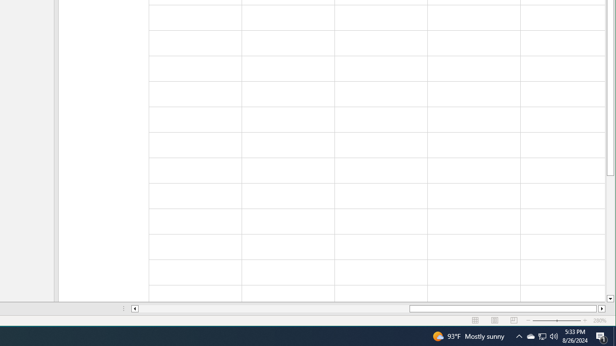 Image resolution: width=616 pixels, height=346 pixels. What do you see at coordinates (602, 335) in the screenshot?
I see `'Action Center, 1 new notification'` at bounding box center [602, 335].